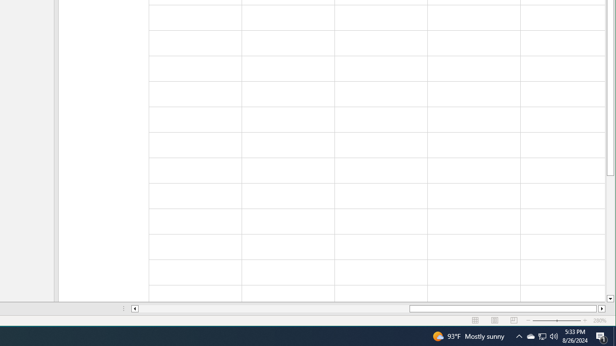 Image resolution: width=616 pixels, height=346 pixels. What do you see at coordinates (602, 335) in the screenshot?
I see `'Action Center, 1 new notification'` at bounding box center [602, 335].